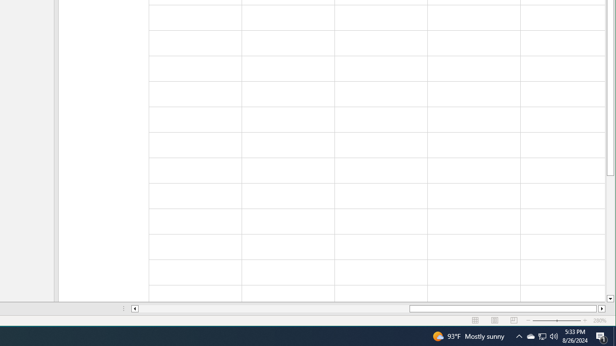 Image resolution: width=616 pixels, height=346 pixels. What do you see at coordinates (602, 335) in the screenshot?
I see `'Action Center, 1 new notification'` at bounding box center [602, 335].